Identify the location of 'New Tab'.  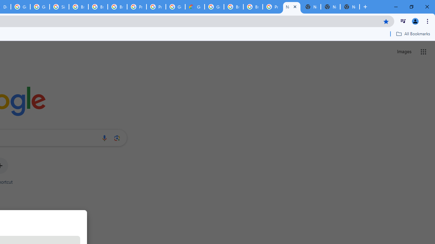
(350, 7).